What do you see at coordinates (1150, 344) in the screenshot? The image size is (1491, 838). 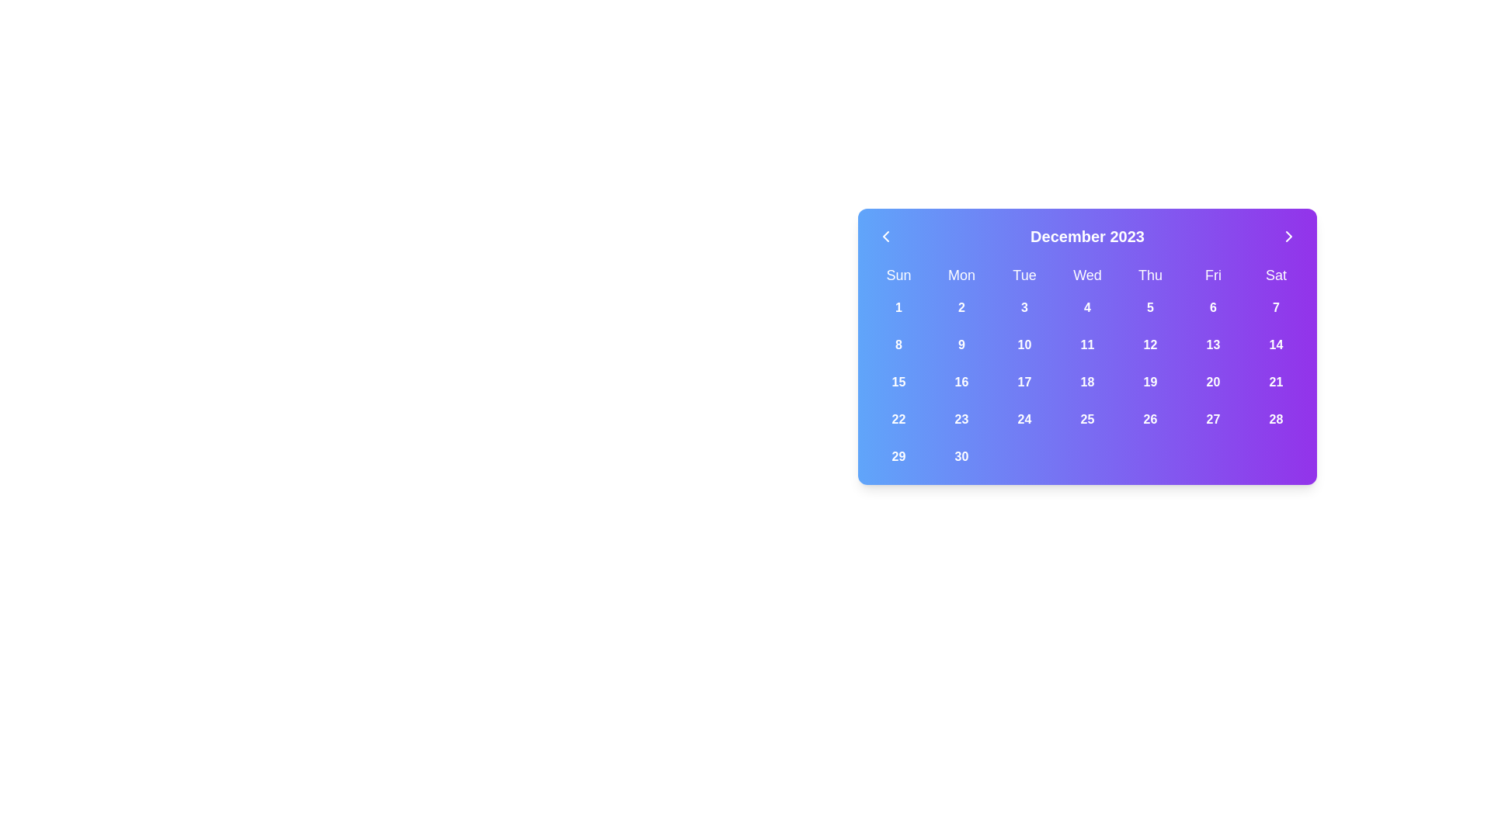 I see `the button representing the date '12' in the calendar grid` at bounding box center [1150, 344].